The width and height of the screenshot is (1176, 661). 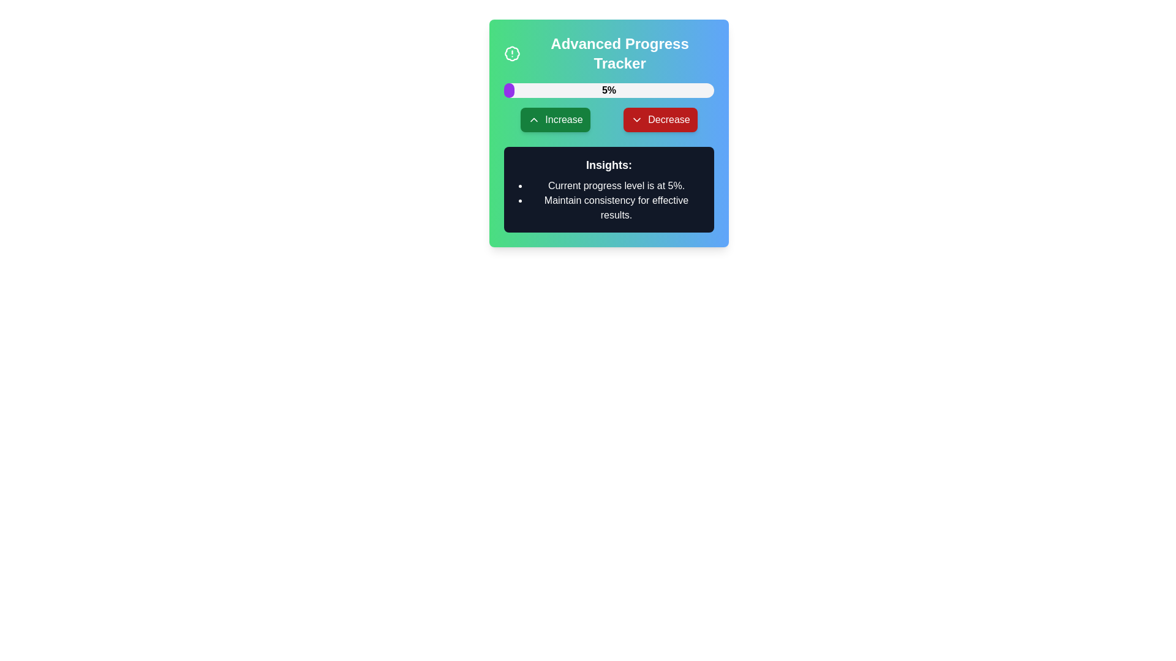 What do you see at coordinates (616, 186) in the screenshot?
I see `text displayed in the Text Label located in the black box labeled 'Insights:' which indicates the current progress level to the user` at bounding box center [616, 186].